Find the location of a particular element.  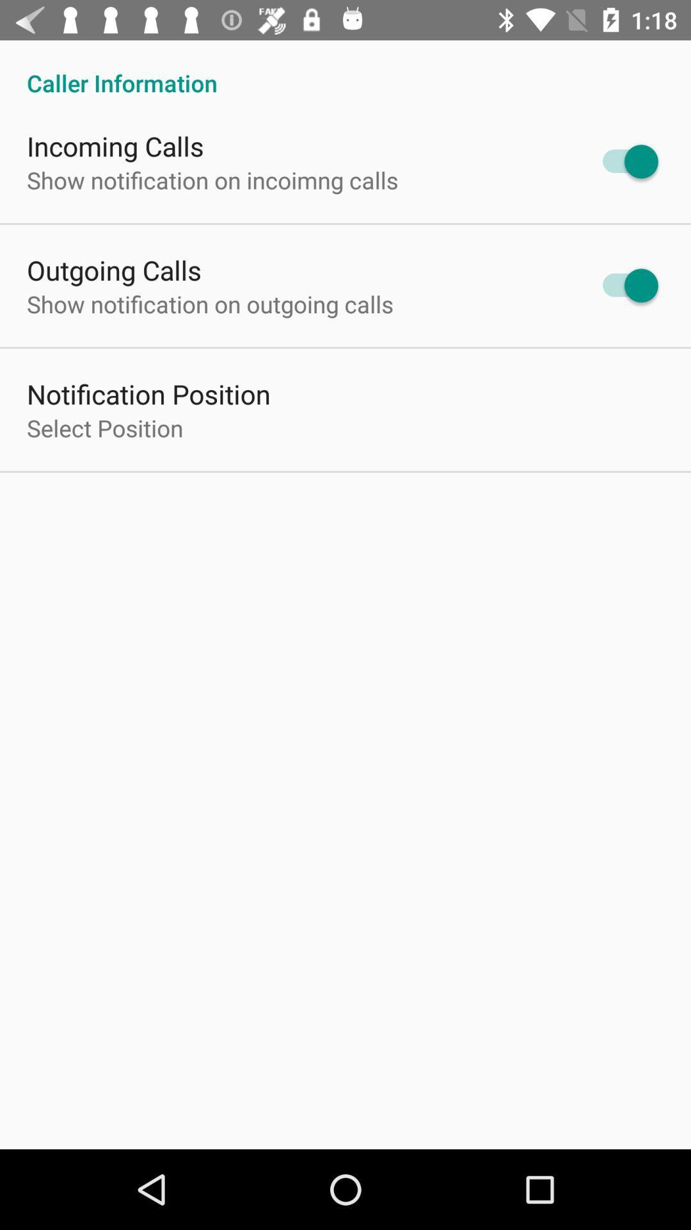

the icon above incoming calls icon is located at coordinates (345, 69).